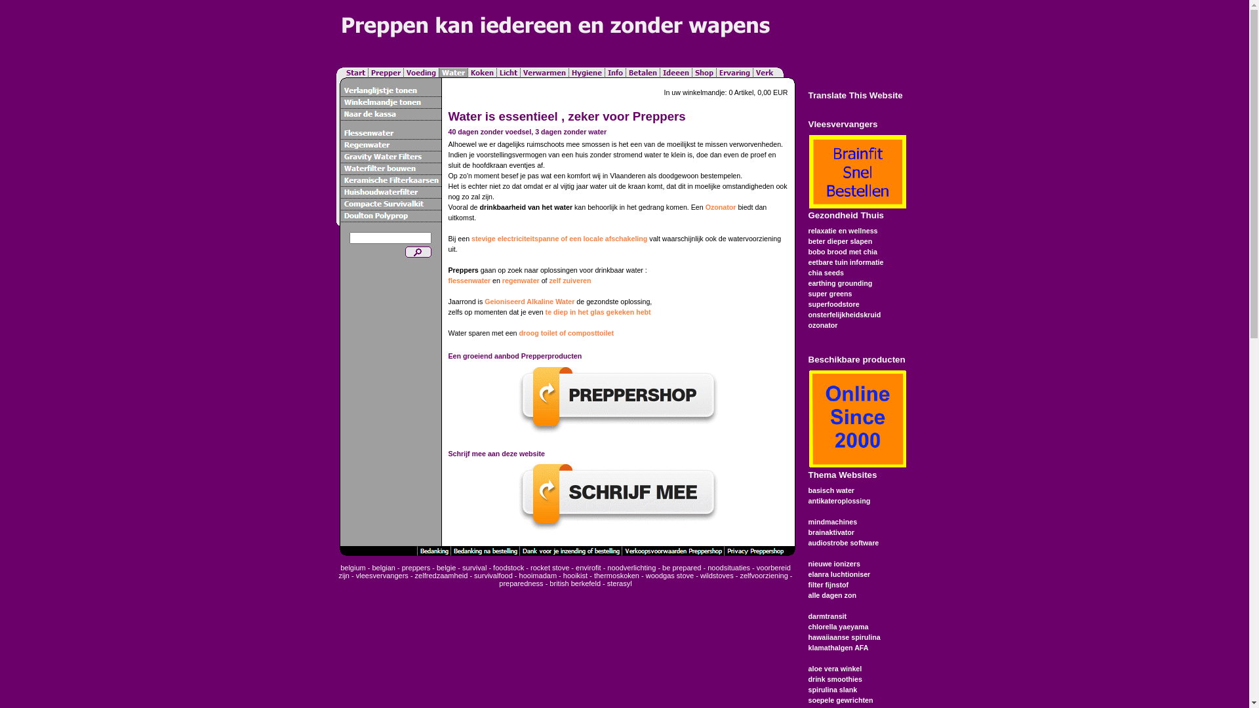  What do you see at coordinates (833, 678) in the screenshot?
I see `'drink smoothies'` at bounding box center [833, 678].